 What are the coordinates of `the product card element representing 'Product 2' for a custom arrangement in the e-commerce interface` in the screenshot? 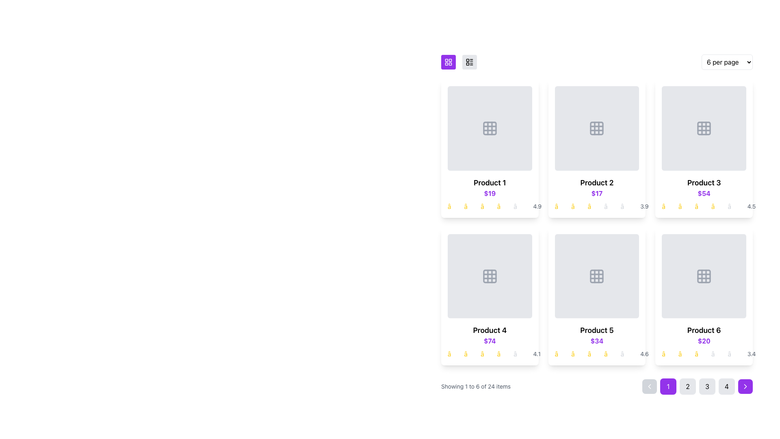 It's located at (597, 148).